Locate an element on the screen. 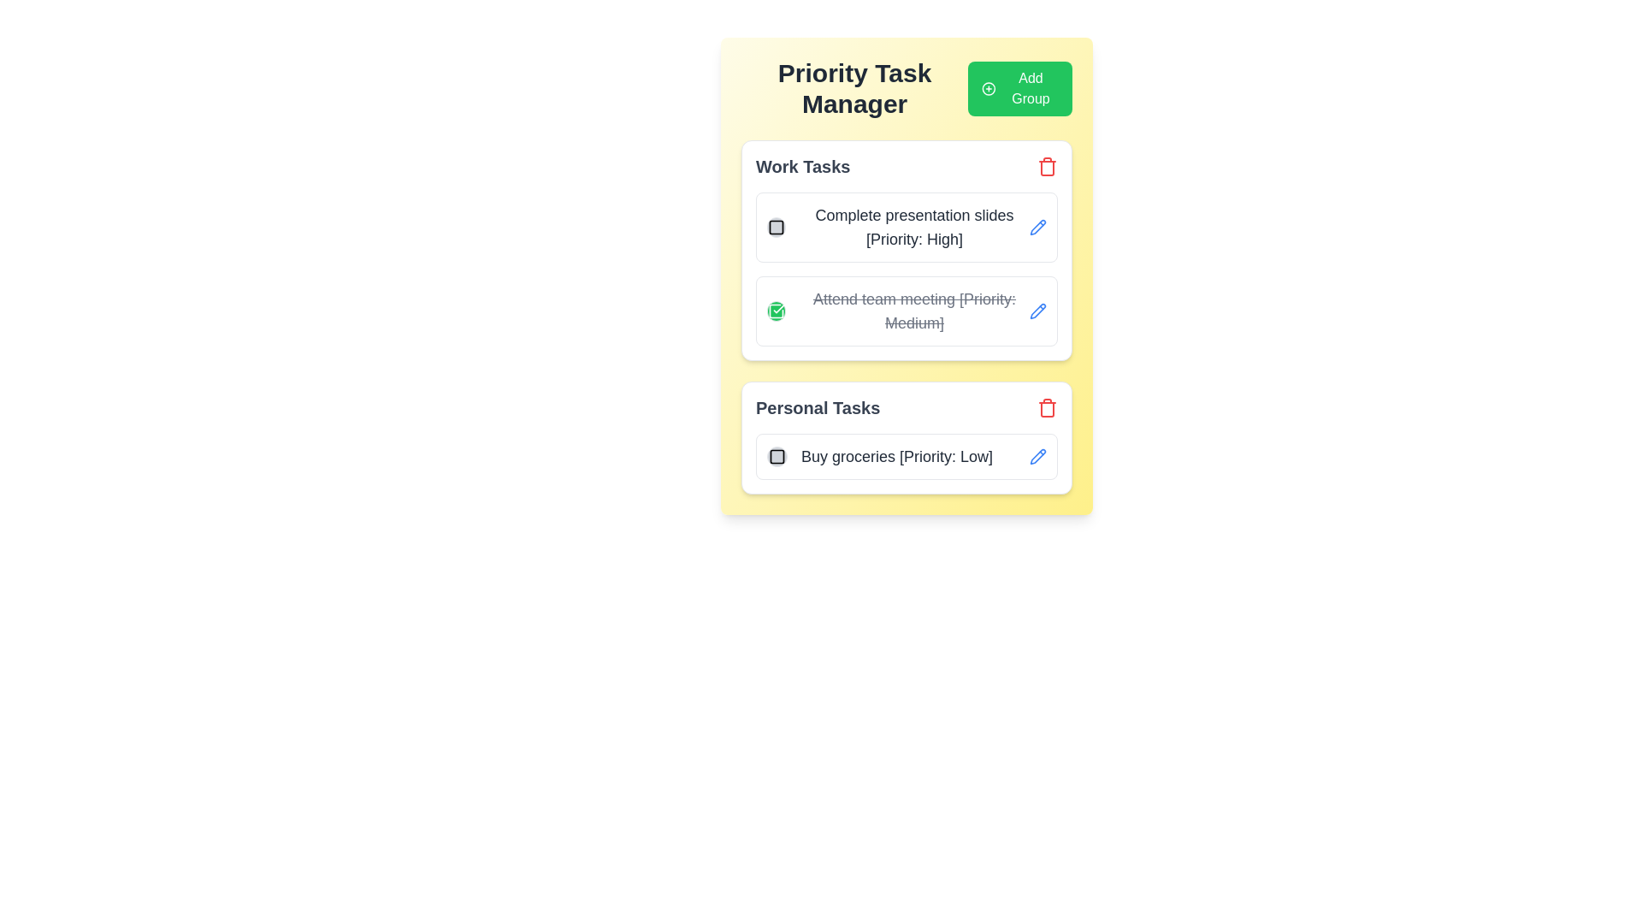 The width and height of the screenshot is (1642, 924). the icon located inside the green 'Add Group' button in the top-right corner of the 'Priority Task Manager' panel is located at coordinates (989, 89).